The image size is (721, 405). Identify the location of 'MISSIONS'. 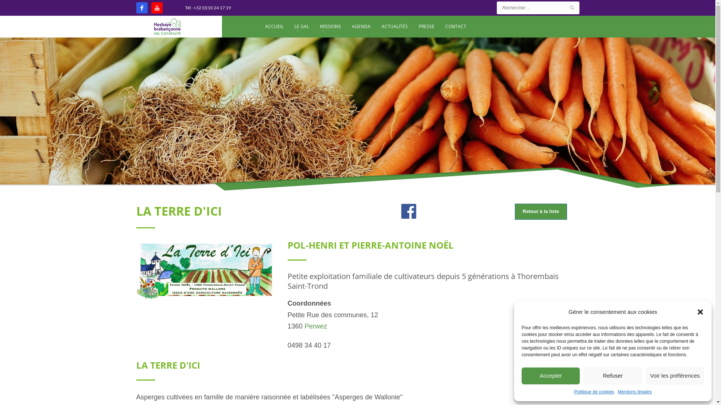
(330, 26).